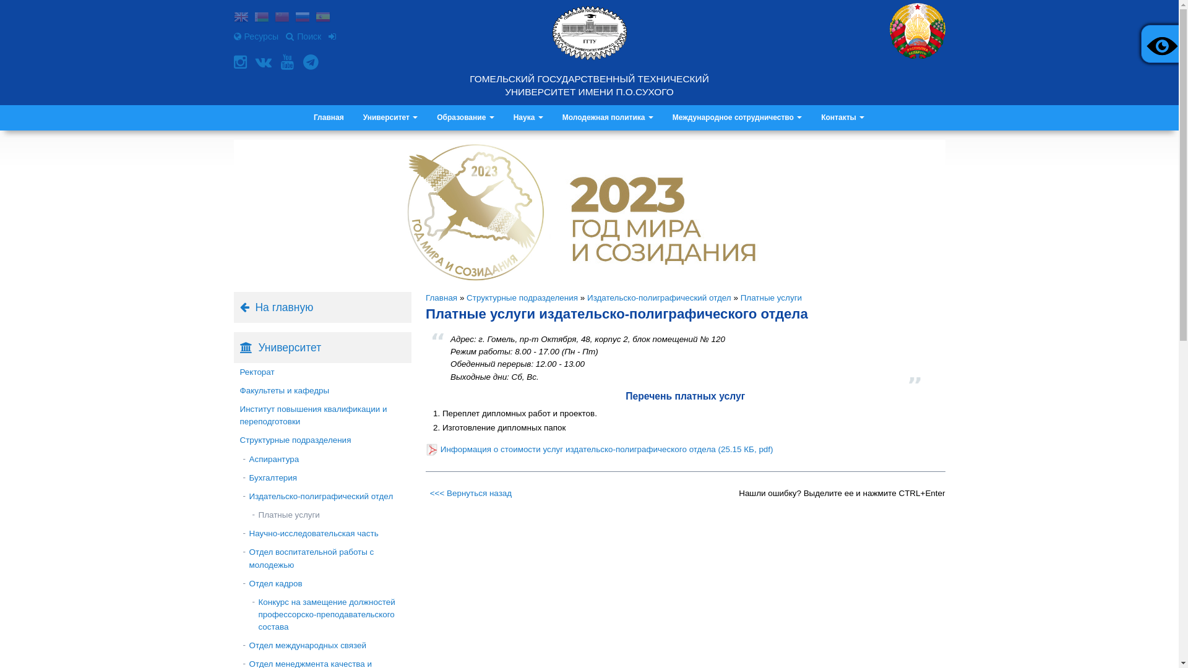 Image resolution: width=1188 pixels, height=668 pixels. What do you see at coordinates (302, 18) in the screenshot?
I see `'Russian'` at bounding box center [302, 18].